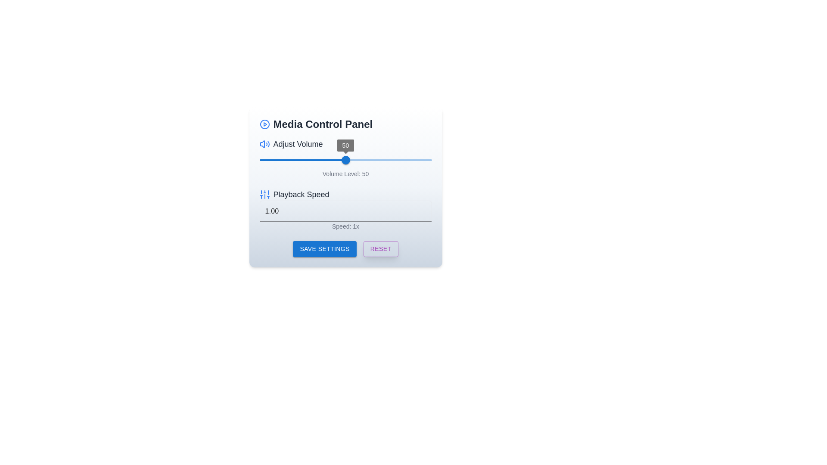  I want to click on the circular Value indicator label displaying '50' in white, located above the blue slider in the 'Adjust Volume' section of the media control panel, so click(345, 145).